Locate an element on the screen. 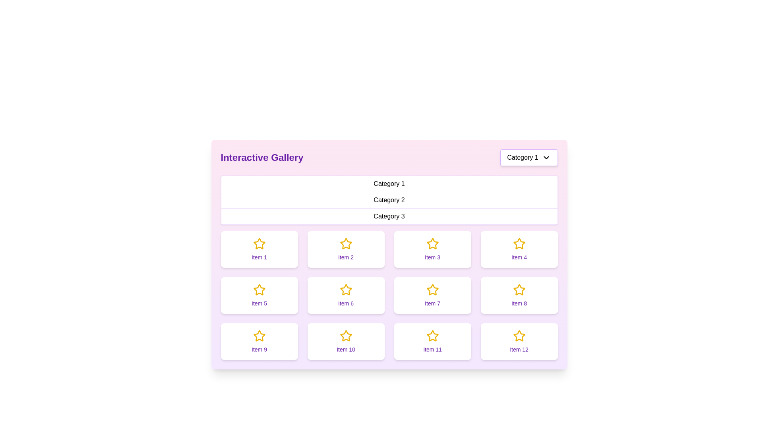  the star icon labeled 'Item 3', located in the third position of the first row in a 4x3 grid layout, as part of a gesture is located at coordinates (432, 243).